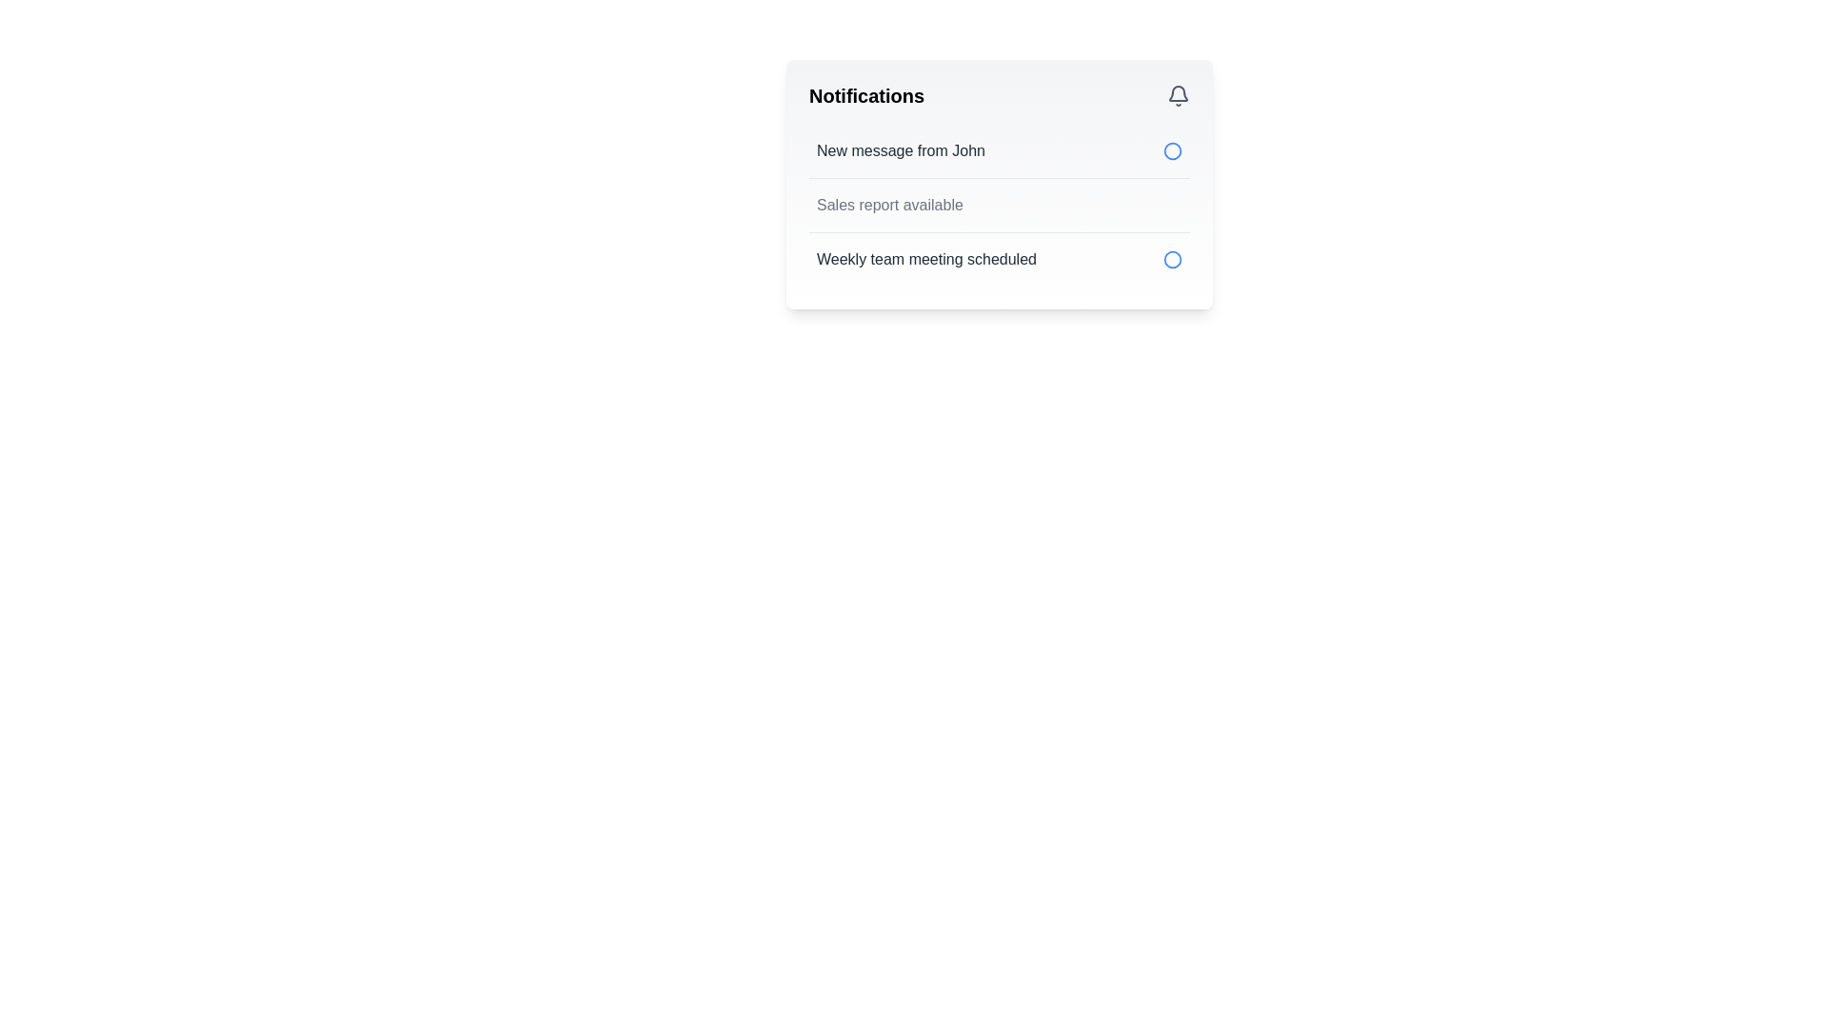  What do you see at coordinates (926, 260) in the screenshot?
I see `the text label that reads 'Weekly team meeting scheduled', which is styled with a medium-weight font and gray color in the notifications pane` at bounding box center [926, 260].